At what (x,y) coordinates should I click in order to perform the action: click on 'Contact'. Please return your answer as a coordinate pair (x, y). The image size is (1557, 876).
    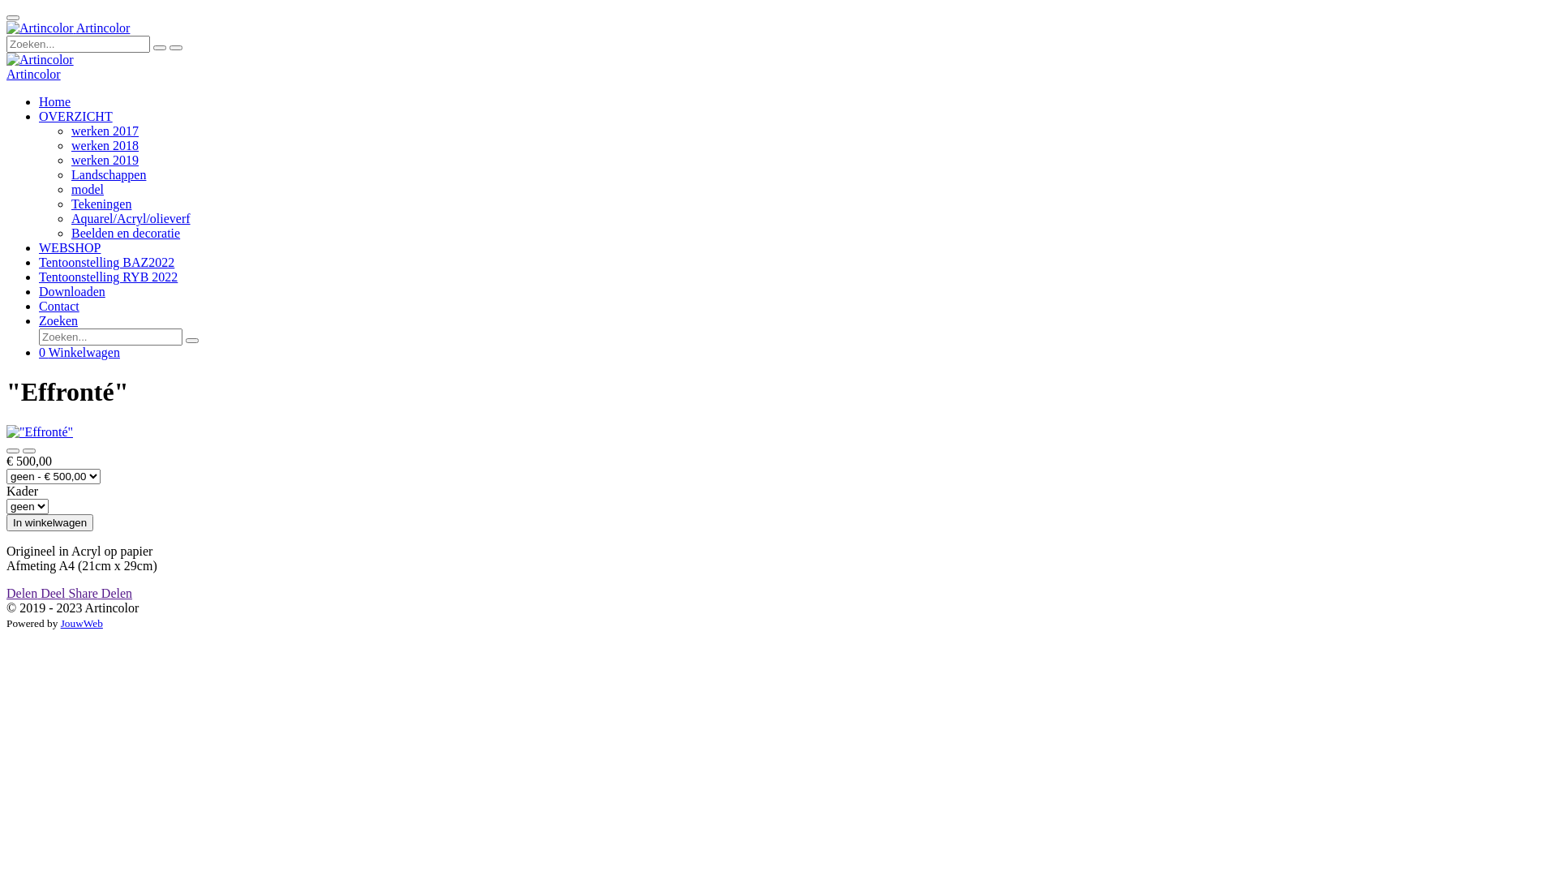
    Looking at the image, I should click on (39, 306).